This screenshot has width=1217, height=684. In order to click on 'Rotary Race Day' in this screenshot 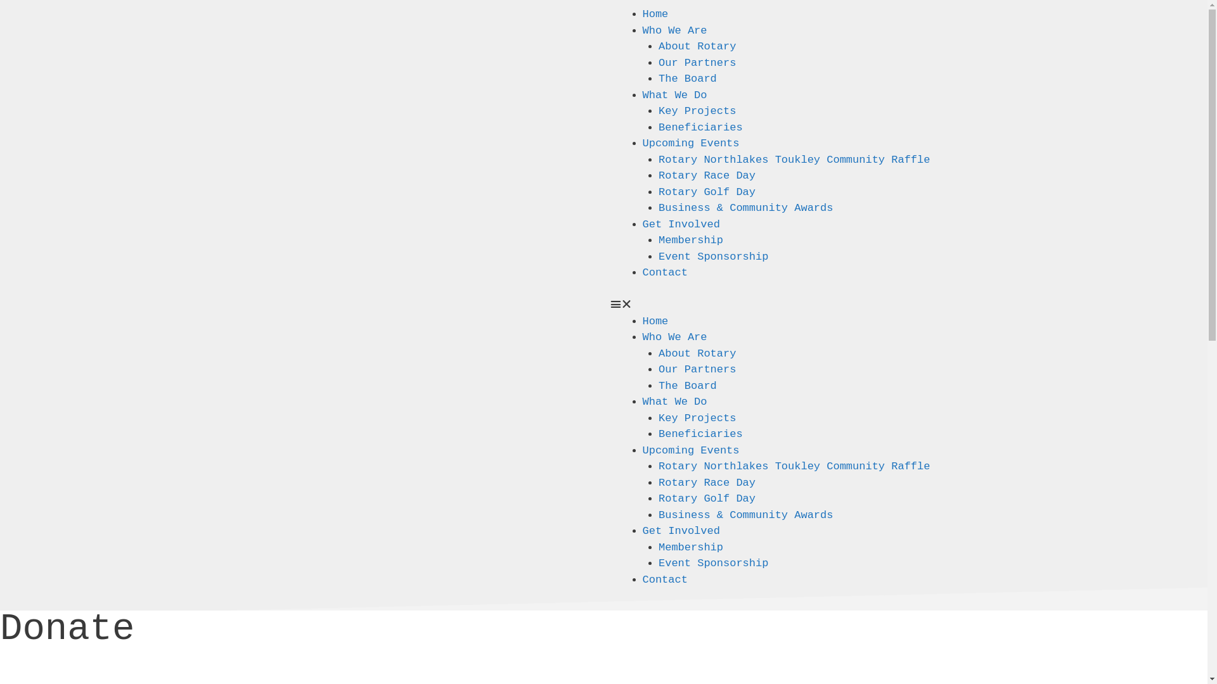, I will do `click(706, 175)`.